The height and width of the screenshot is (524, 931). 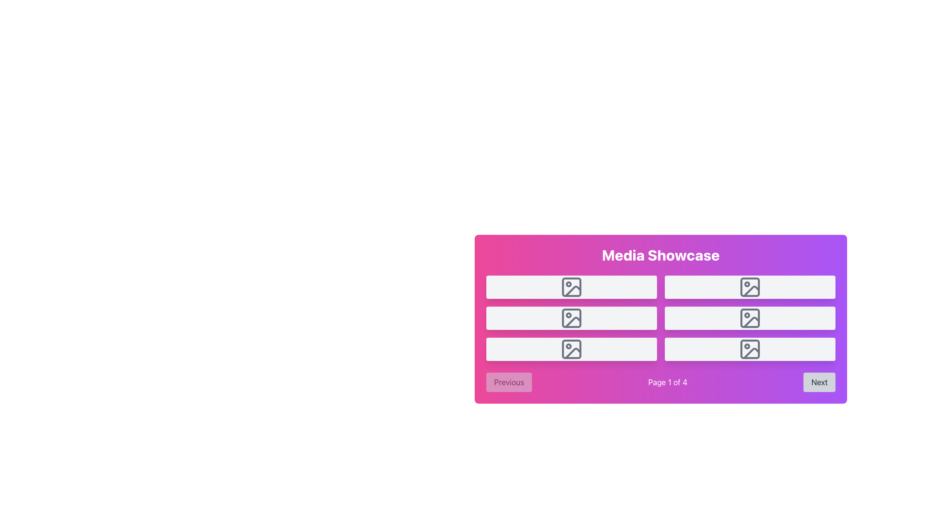 I want to click on the 'Media Showcase' text heading which is styled with a bold, large font and is located at the top of a colorful card-like structure with a gradient background transitioning from pink to purple, so click(x=660, y=254).